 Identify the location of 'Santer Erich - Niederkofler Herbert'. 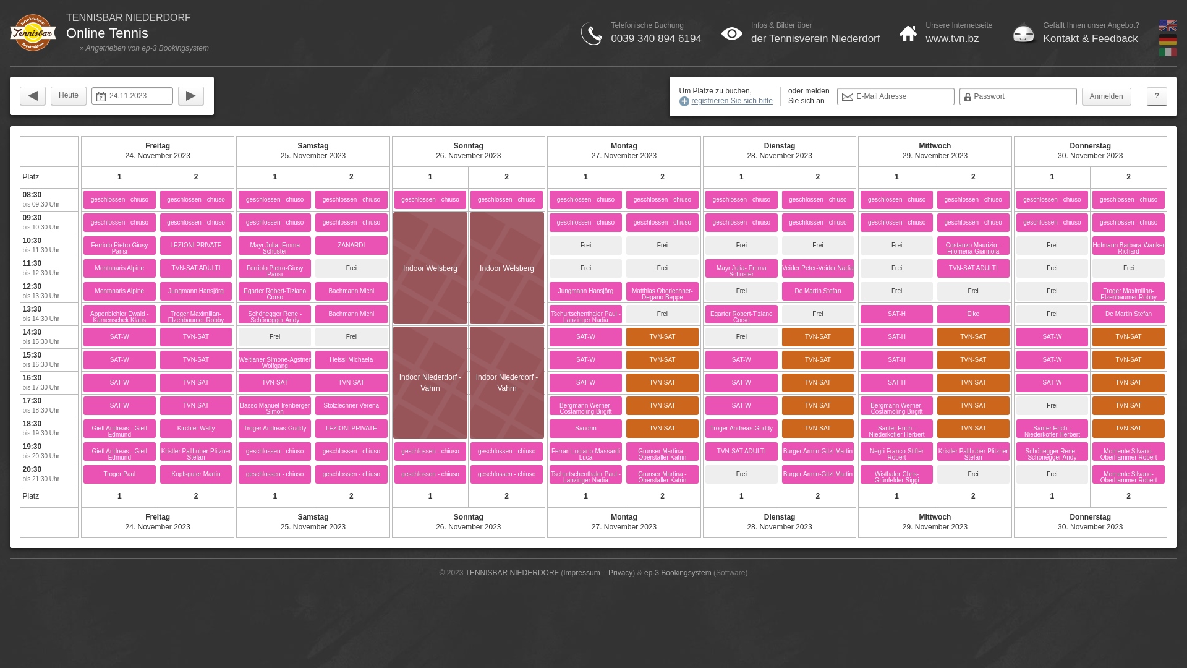
(1052, 428).